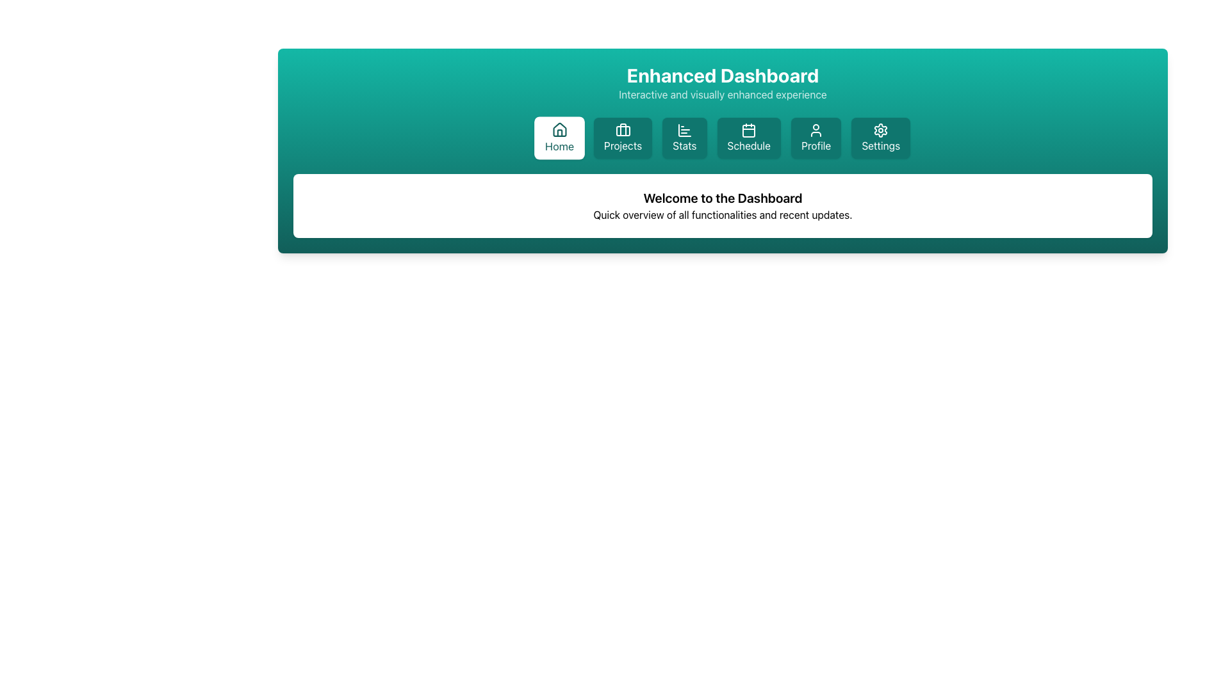  I want to click on the fourth button from the left in the horizontal menu row, so click(749, 138).